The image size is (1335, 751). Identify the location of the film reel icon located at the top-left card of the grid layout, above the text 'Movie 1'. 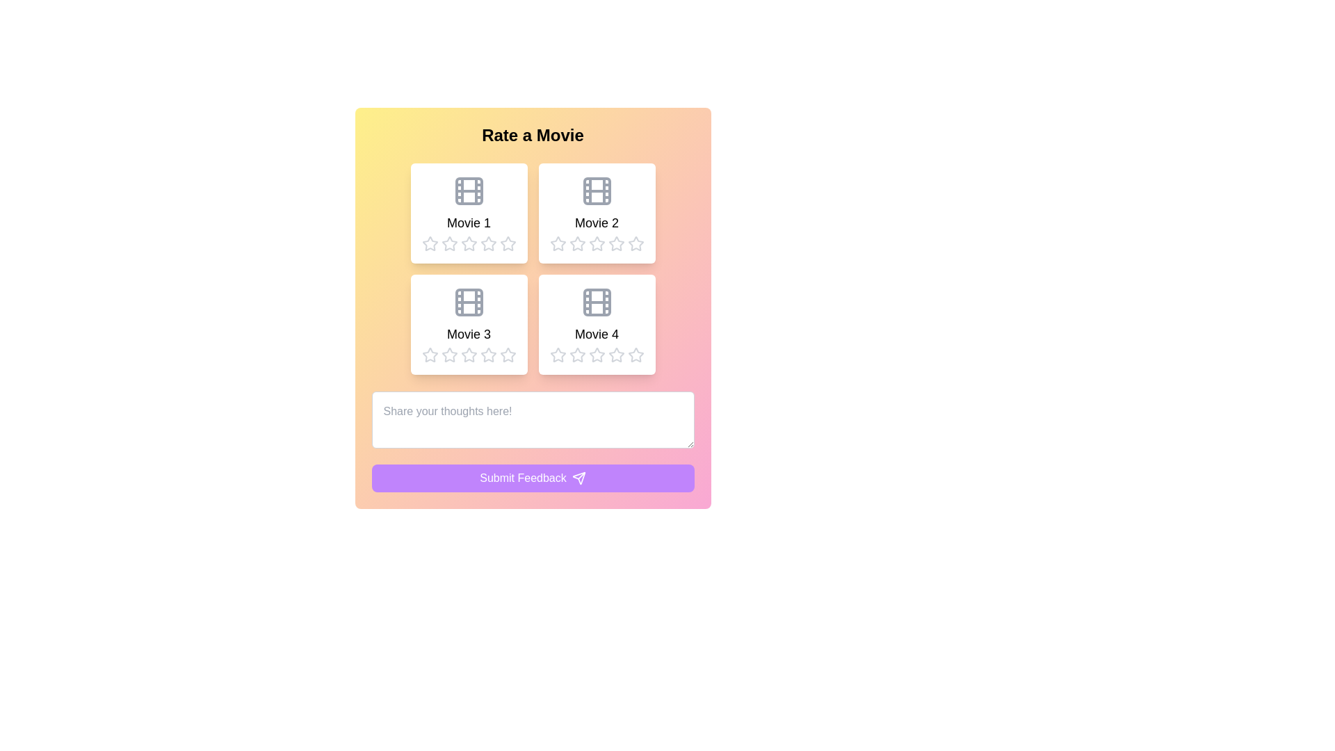
(469, 191).